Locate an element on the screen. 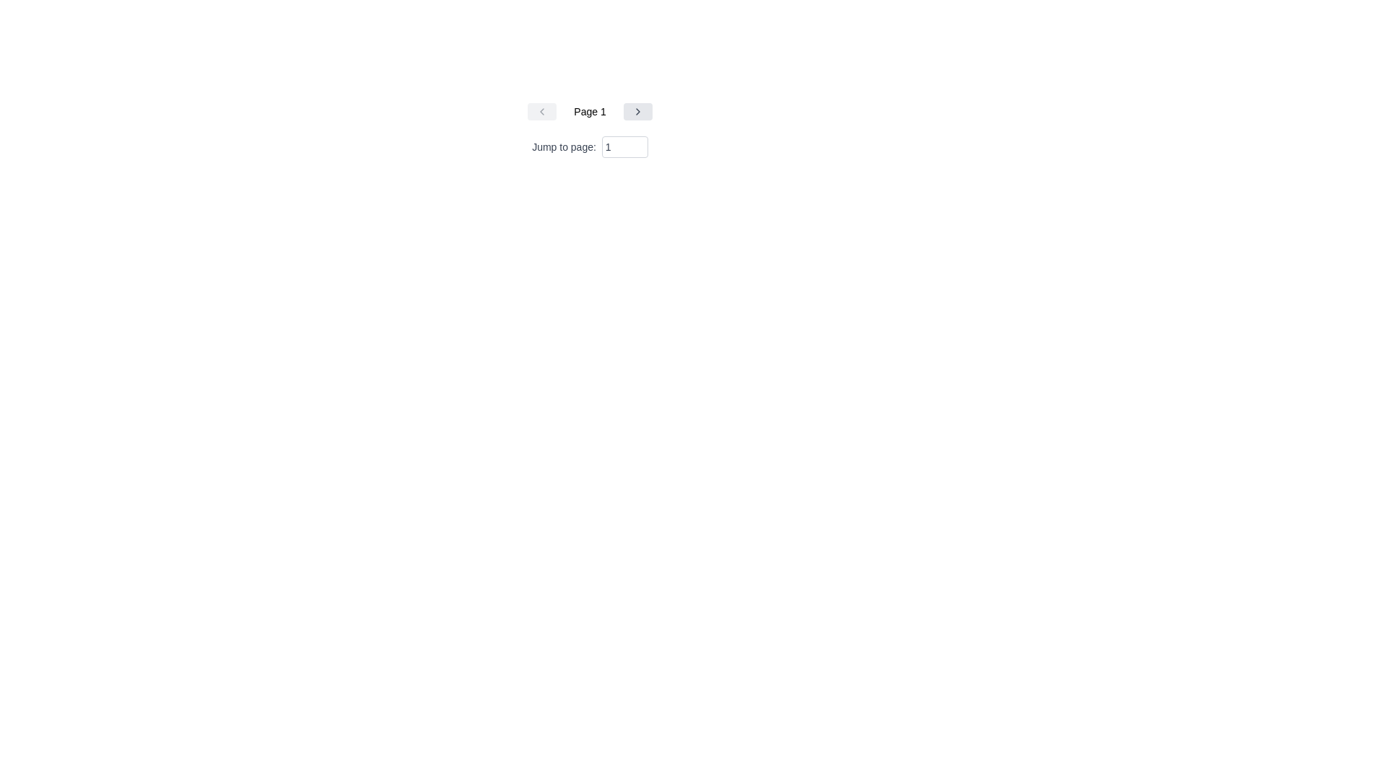  the arrow icon on the left side of the navigation interface is located at coordinates (541, 110).